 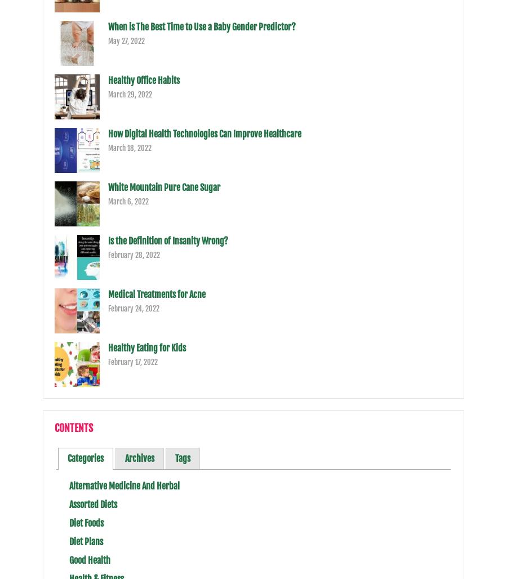 I want to click on 'Diet Foods', so click(x=86, y=522).